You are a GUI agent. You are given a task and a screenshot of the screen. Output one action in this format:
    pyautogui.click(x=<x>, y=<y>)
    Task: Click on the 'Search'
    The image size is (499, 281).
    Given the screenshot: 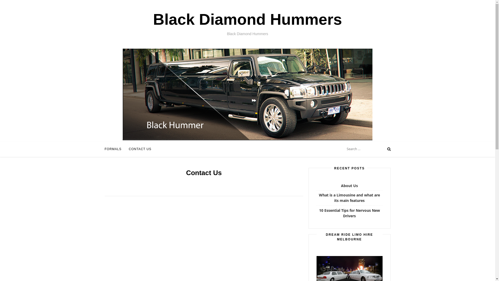 What is the action you would take?
    pyautogui.click(x=9, y=4)
    